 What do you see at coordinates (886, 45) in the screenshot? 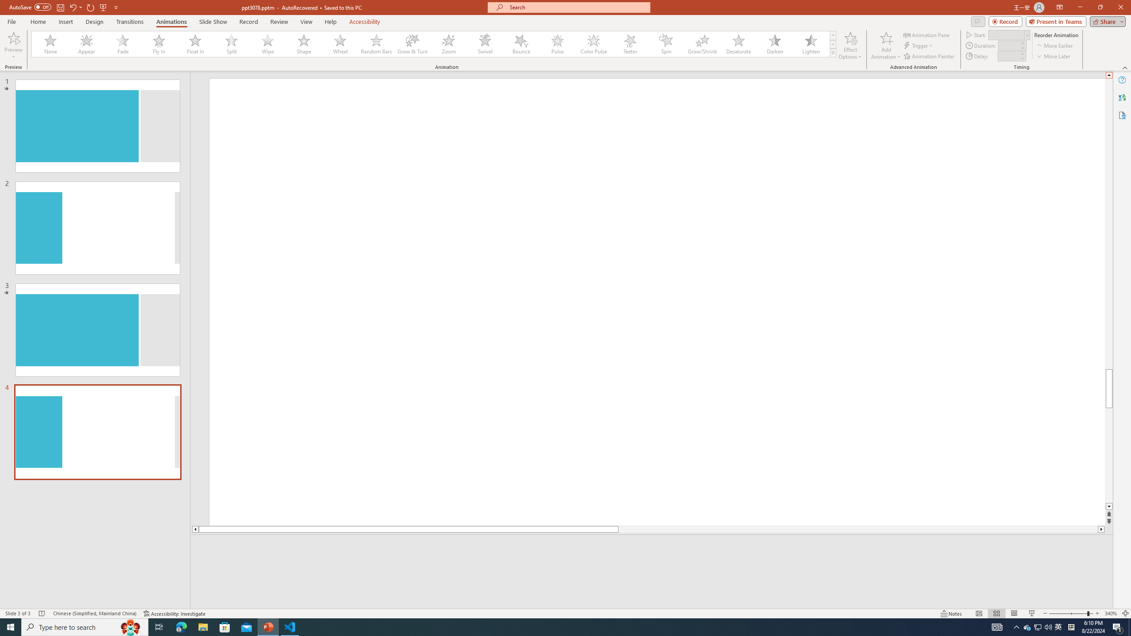
I see `'Add Animation'` at bounding box center [886, 45].